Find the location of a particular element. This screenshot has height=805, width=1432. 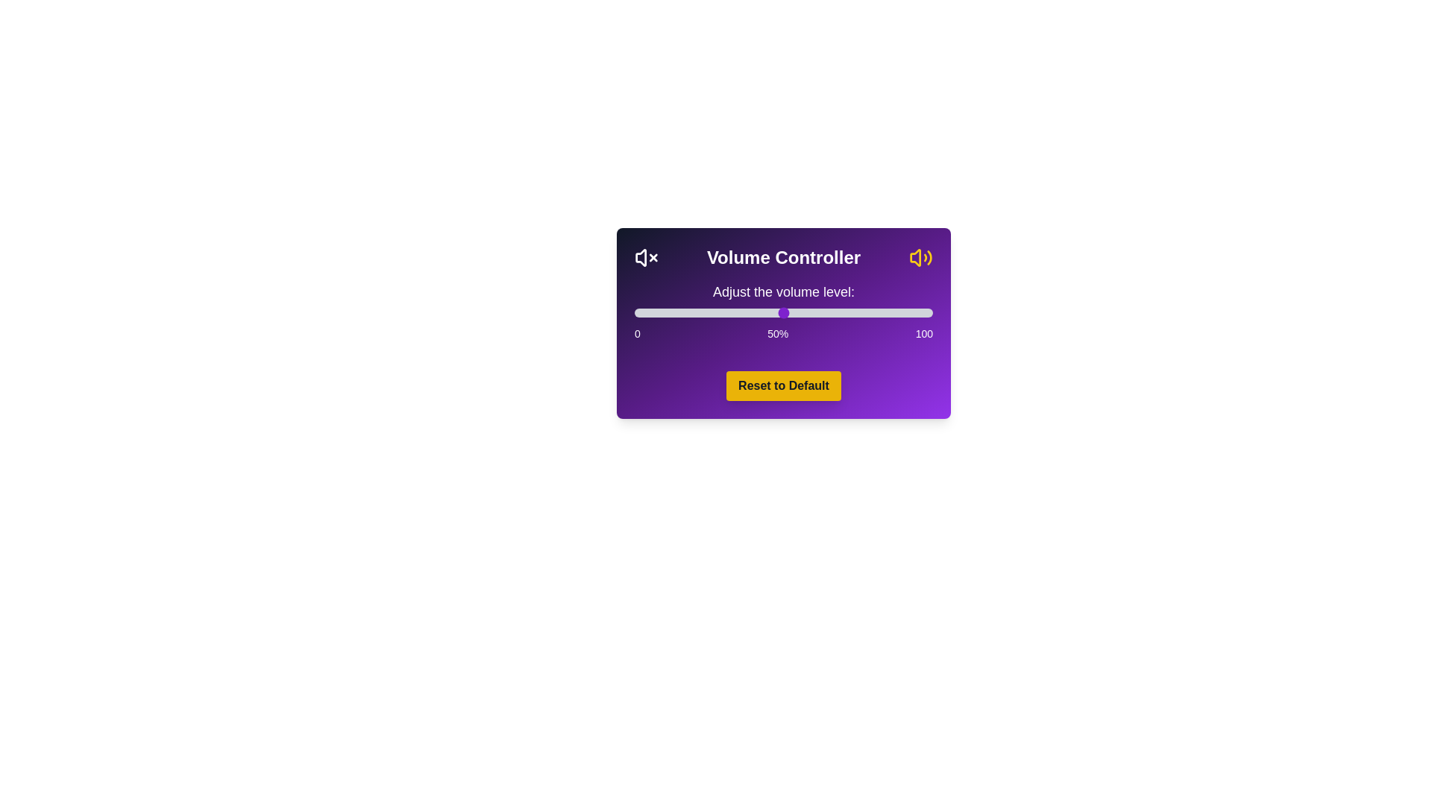

the volume slider to set the volume to 32% is located at coordinates (730, 312).